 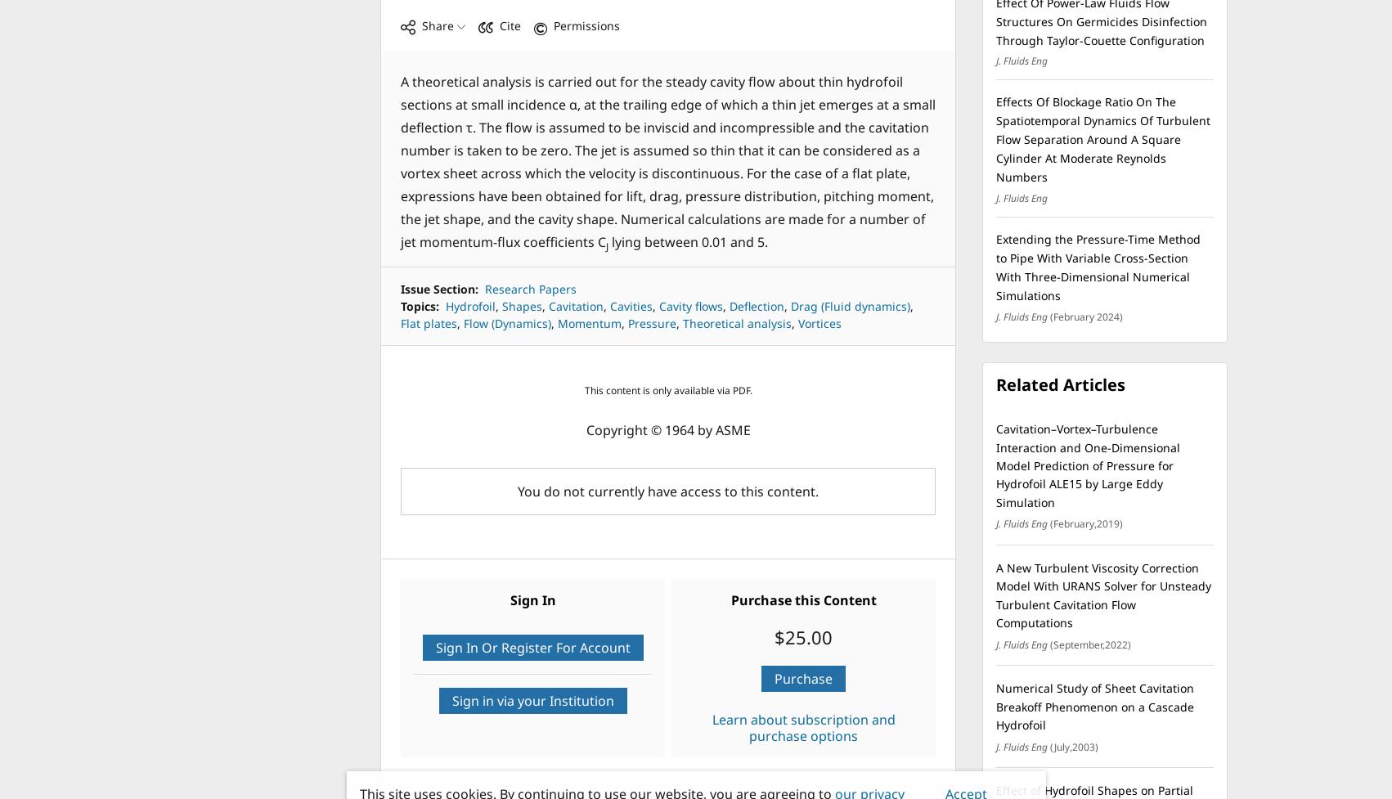 I want to click on 'Share', so click(x=437, y=25).